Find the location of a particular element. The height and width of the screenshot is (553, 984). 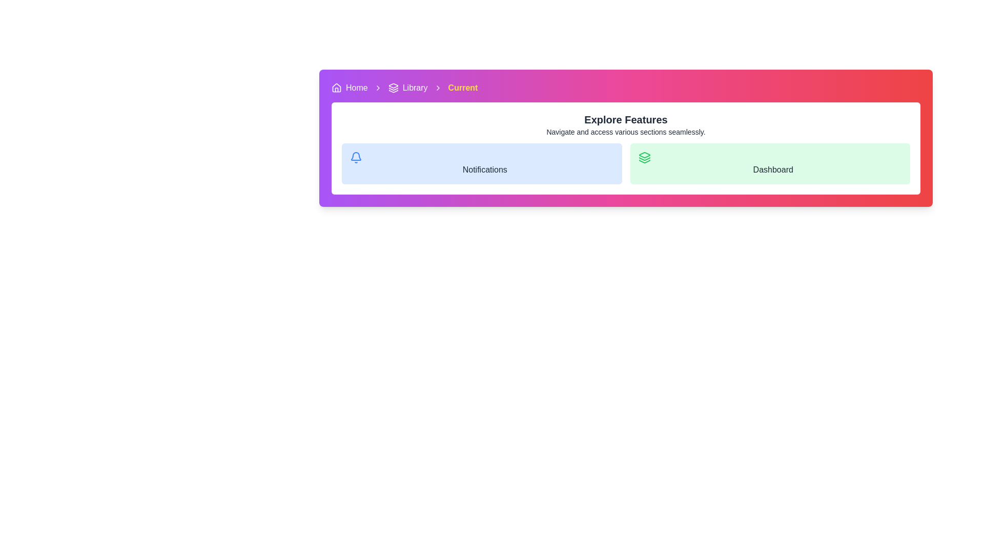

the middle layer of the stacked icon located within the Dashboard button on the right side of a two-button layout in the Explore Features section is located at coordinates (644, 159).